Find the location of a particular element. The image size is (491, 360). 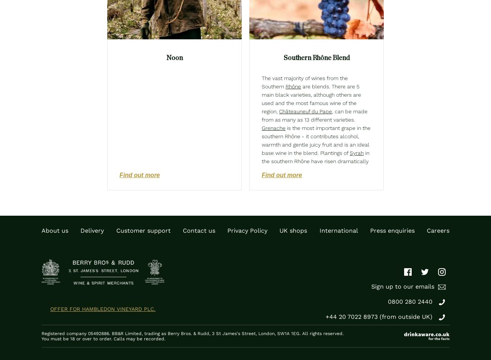

'The vast majority of wines from the Southern' is located at coordinates (304, 82).